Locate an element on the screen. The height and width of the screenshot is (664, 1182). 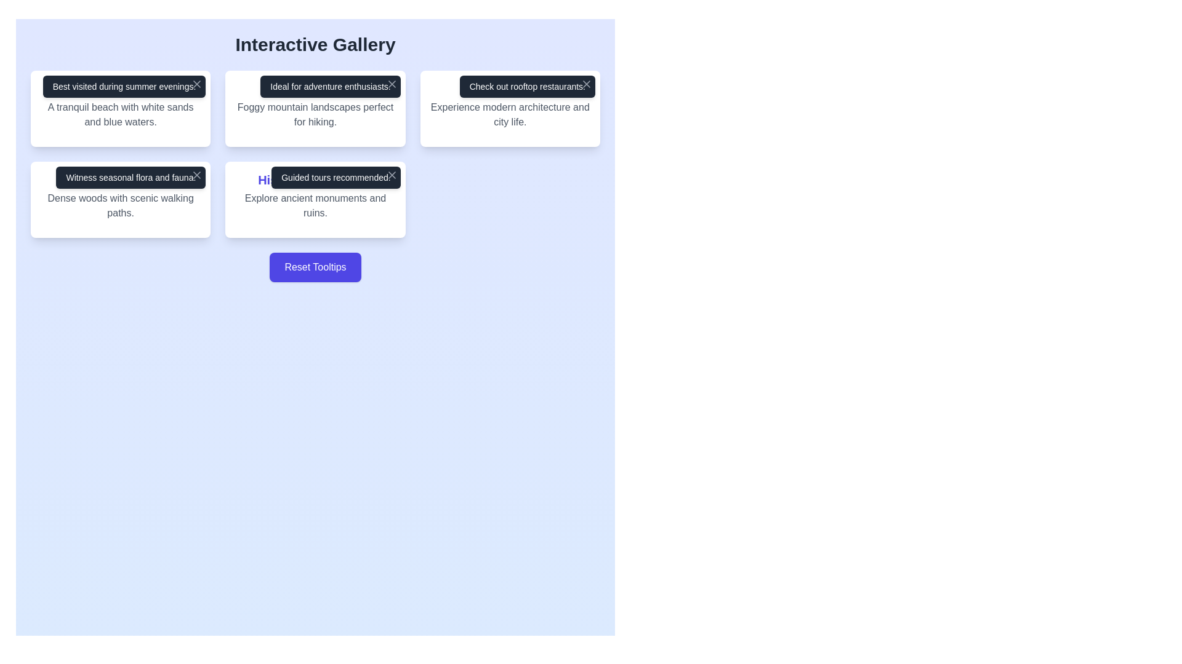
the Cross icon button located in the top-right corner of the tooltip that contains the text 'Guided tours recommended' is located at coordinates (391, 175).